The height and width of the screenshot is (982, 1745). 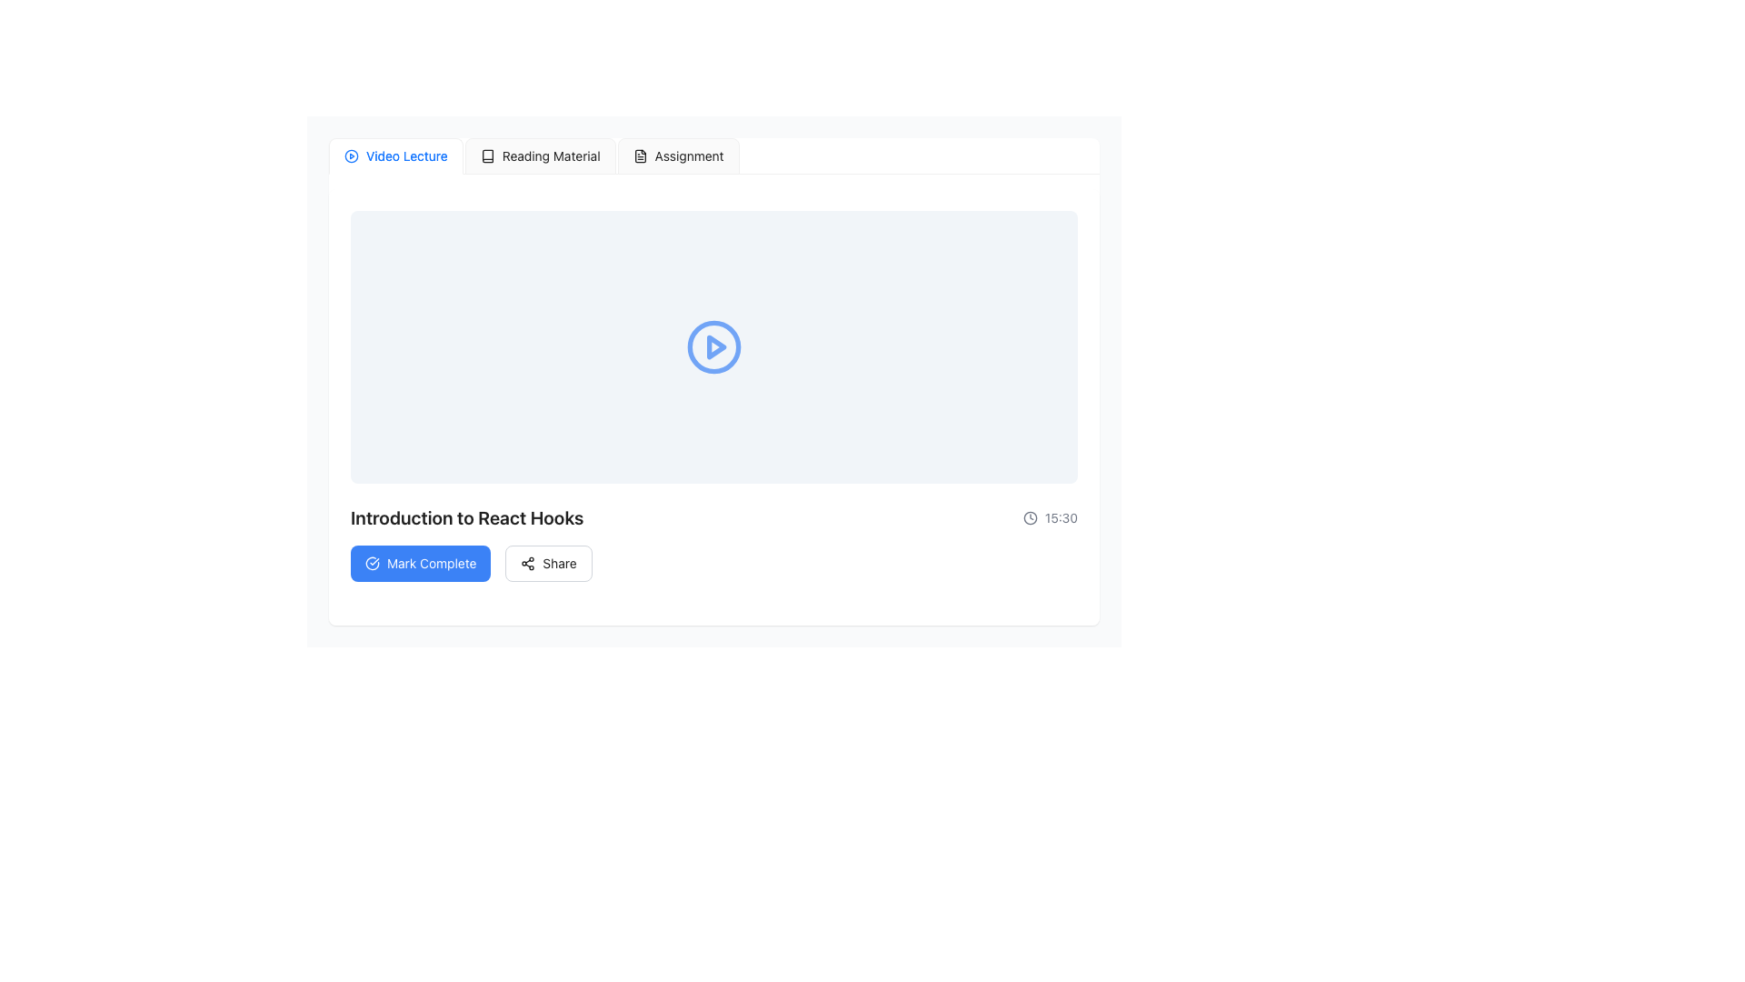 I want to click on the icon shaped like a three-node molecular model within the 'Share' button, located below the video description, so click(x=527, y=563).